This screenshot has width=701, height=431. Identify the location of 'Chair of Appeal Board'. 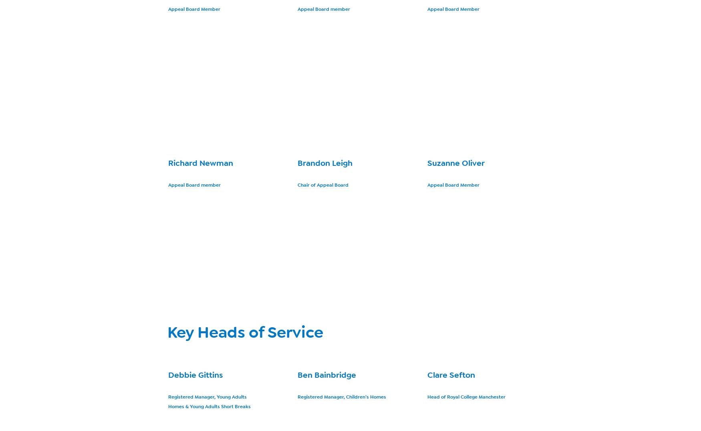
(322, 185).